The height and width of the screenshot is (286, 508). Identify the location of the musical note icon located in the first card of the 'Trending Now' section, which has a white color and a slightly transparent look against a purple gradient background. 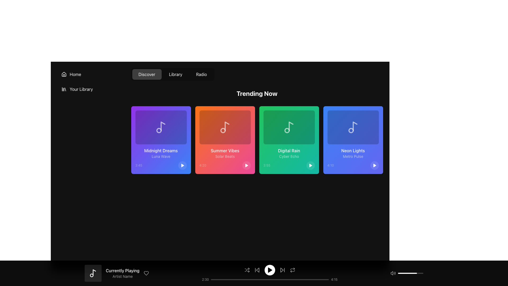
(161, 127).